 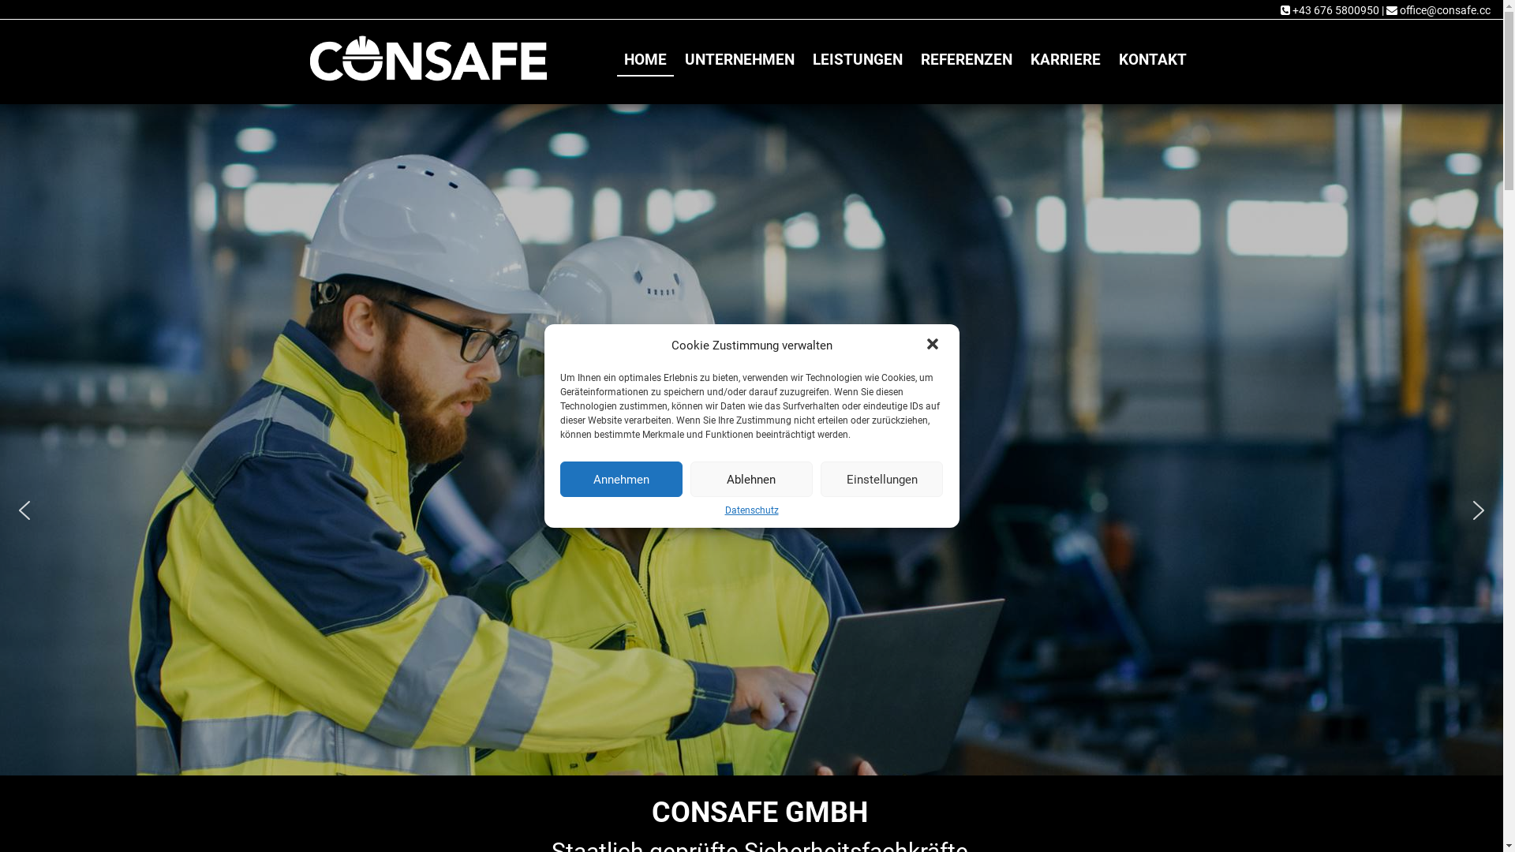 I want to click on 'Annehmen', so click(x=620, y=478).